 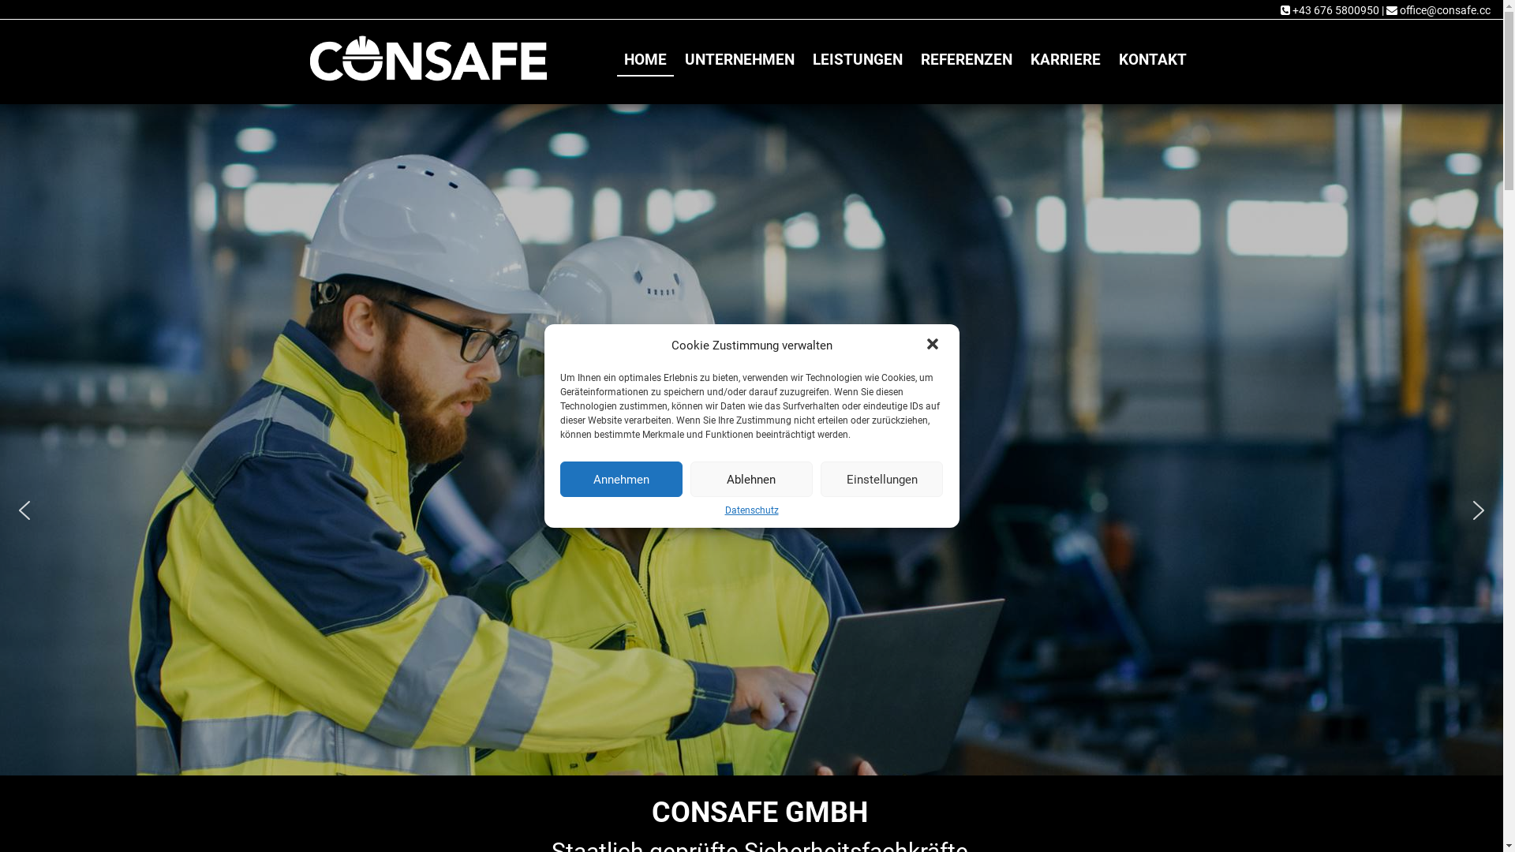 I want to click on 'Annehmen', so click(x=620, y=478).